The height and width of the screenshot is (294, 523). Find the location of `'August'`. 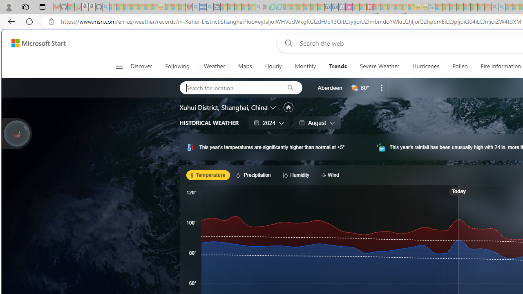

'August' is located at coordinates (316, 122).